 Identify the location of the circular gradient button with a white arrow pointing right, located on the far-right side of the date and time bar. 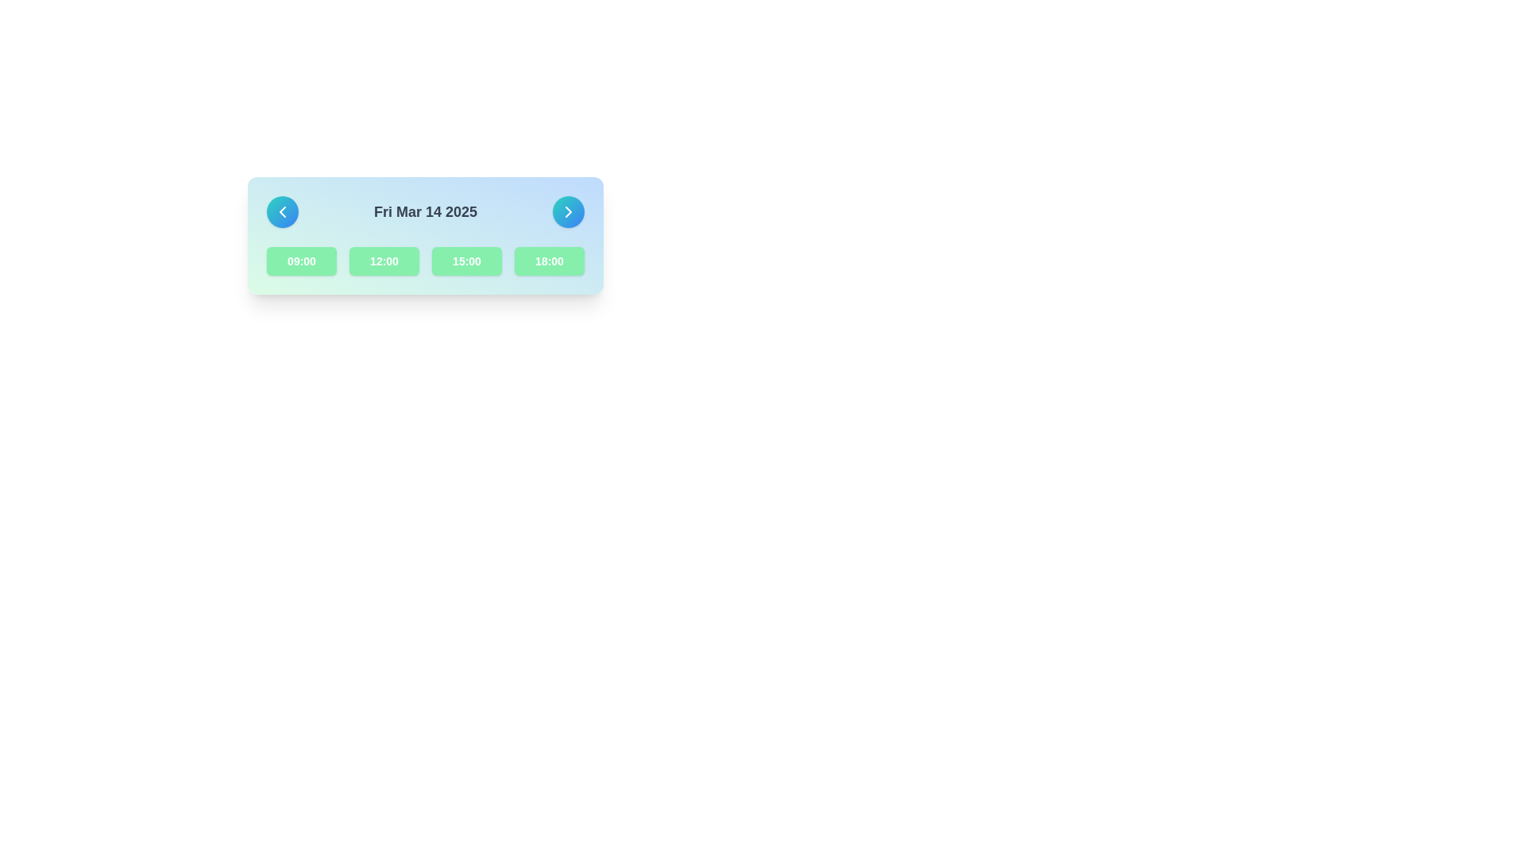
(568, 211).